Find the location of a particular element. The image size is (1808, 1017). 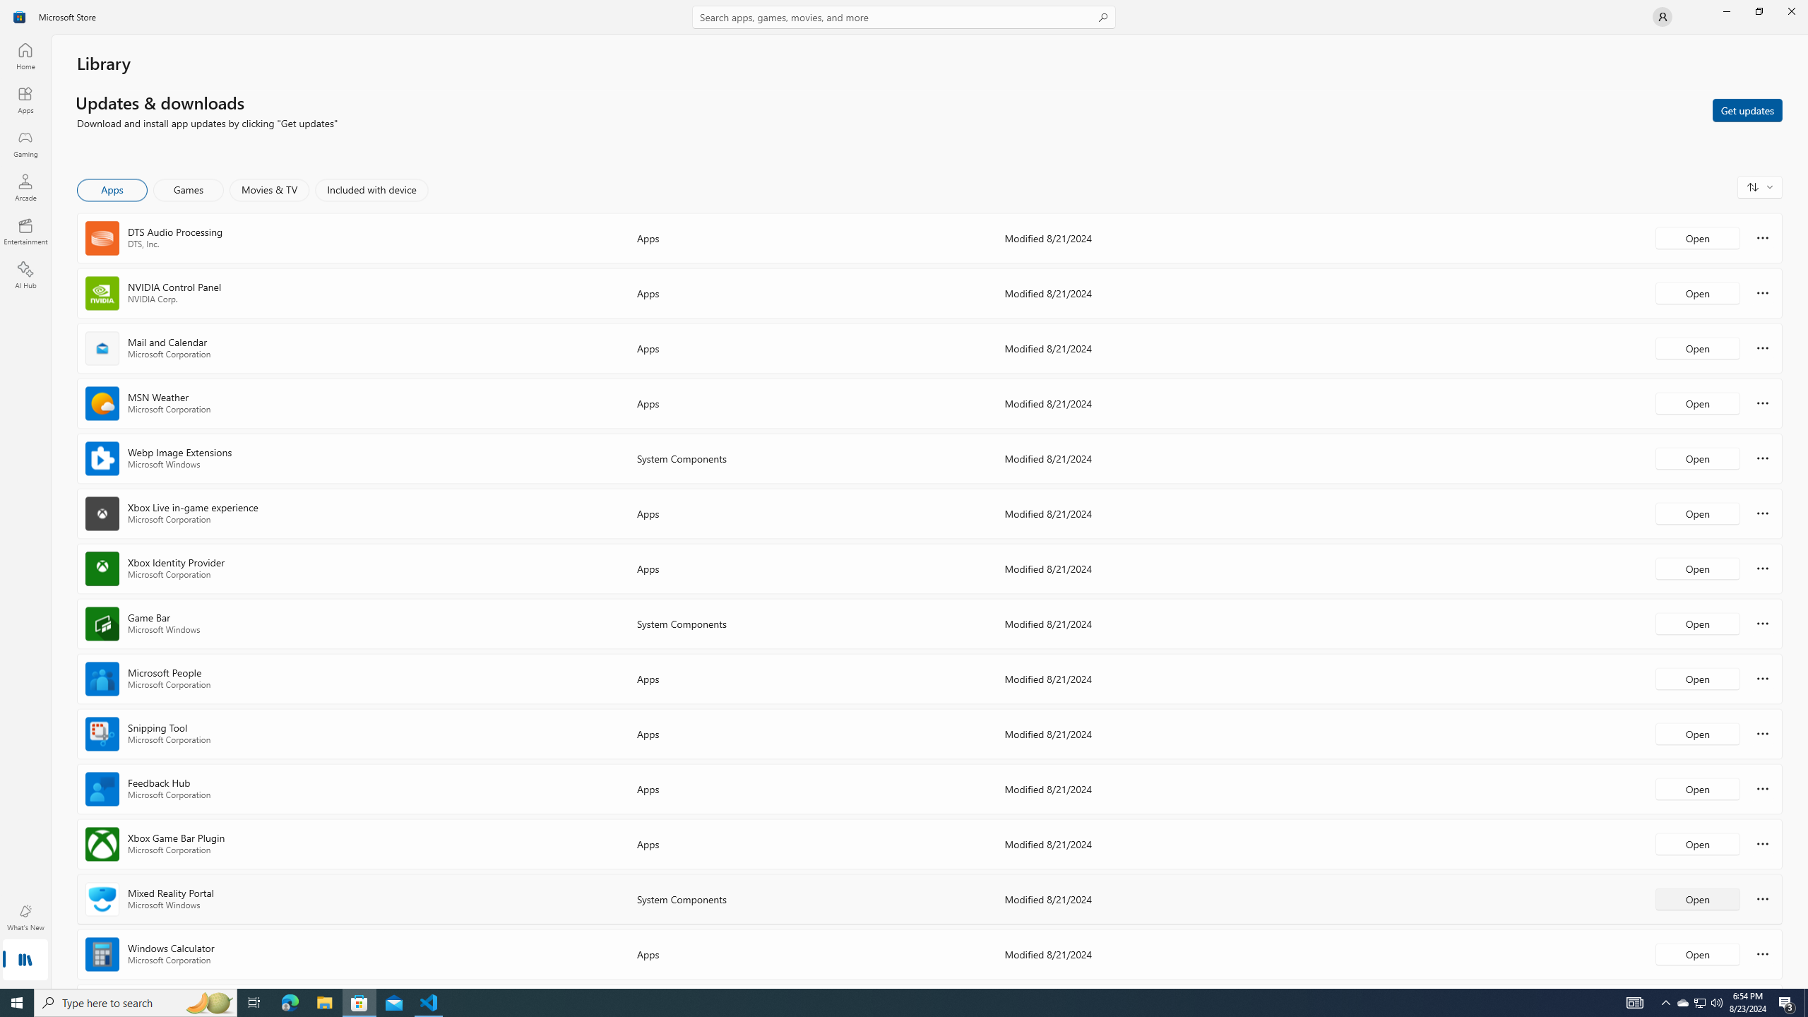

'Apps' is located at coordinates (24, 100).